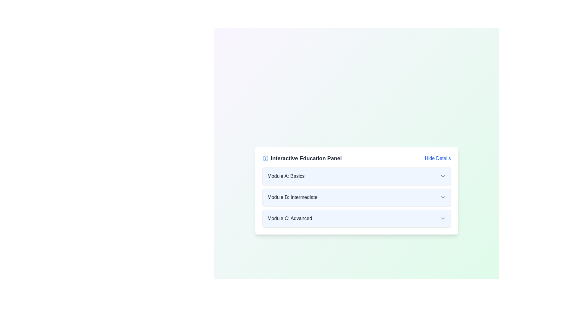  Describe the element at coordinates (438, 158) in the screenshot. I see `the toggle link in the top-right corner of the 'Interactive Education Panel'` at that location.